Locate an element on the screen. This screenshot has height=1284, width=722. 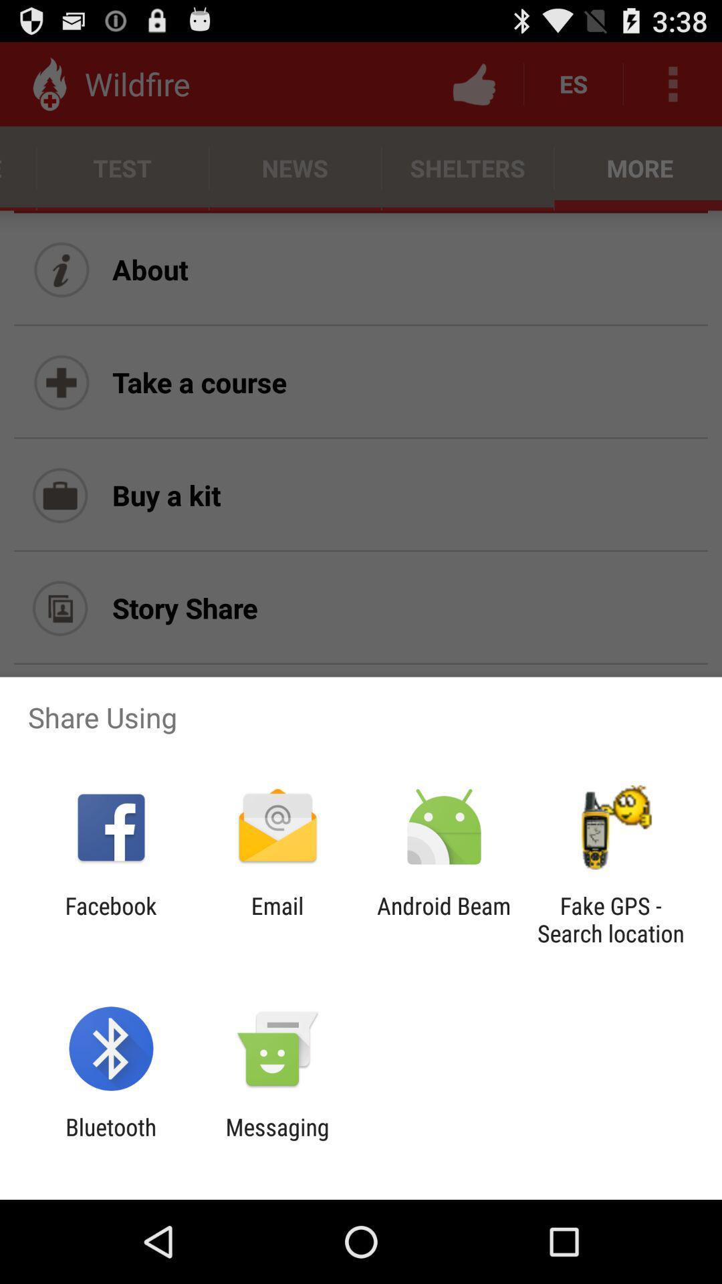
app to the right of the bluetooth icon is located at coordinates (277, 1140).